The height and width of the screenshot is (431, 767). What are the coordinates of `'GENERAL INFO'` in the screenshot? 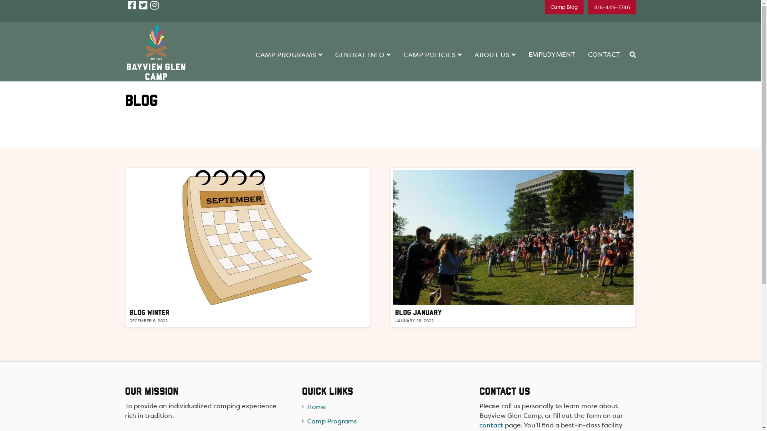 It's located at (362, 40).